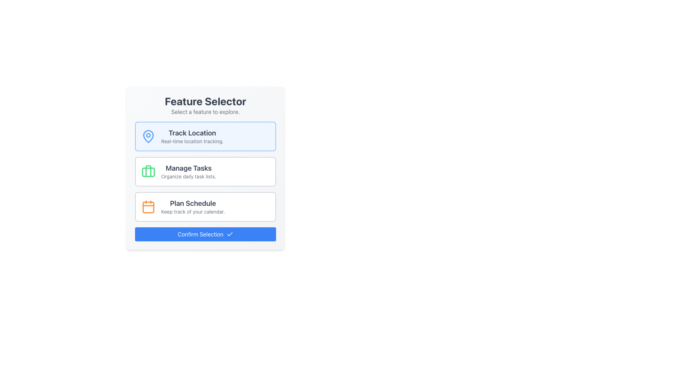 Image resolution: width=677 pixels, height=380 pixels. What do you see at coordinates (148, 137) in the screenshot?
I see `the blue pin-shaped icon representing 'Track Location' in the 'Feature Selector' panel` at bounding box center [148, 137].